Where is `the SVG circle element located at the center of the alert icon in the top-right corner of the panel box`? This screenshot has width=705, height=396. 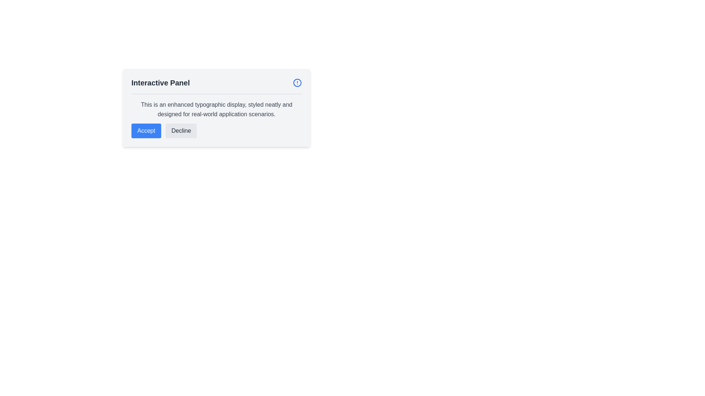
the SVG circle element located at the center of the alert icon in the top-right corner of the panel box is located at coordinates (297, 82).